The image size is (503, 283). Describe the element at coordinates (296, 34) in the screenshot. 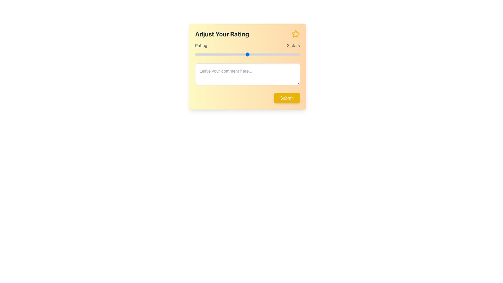

I see `the star icon located in the top-right corner of the dialog box, adjacent to the header text ‘Adjust Your Rating’` at that location.